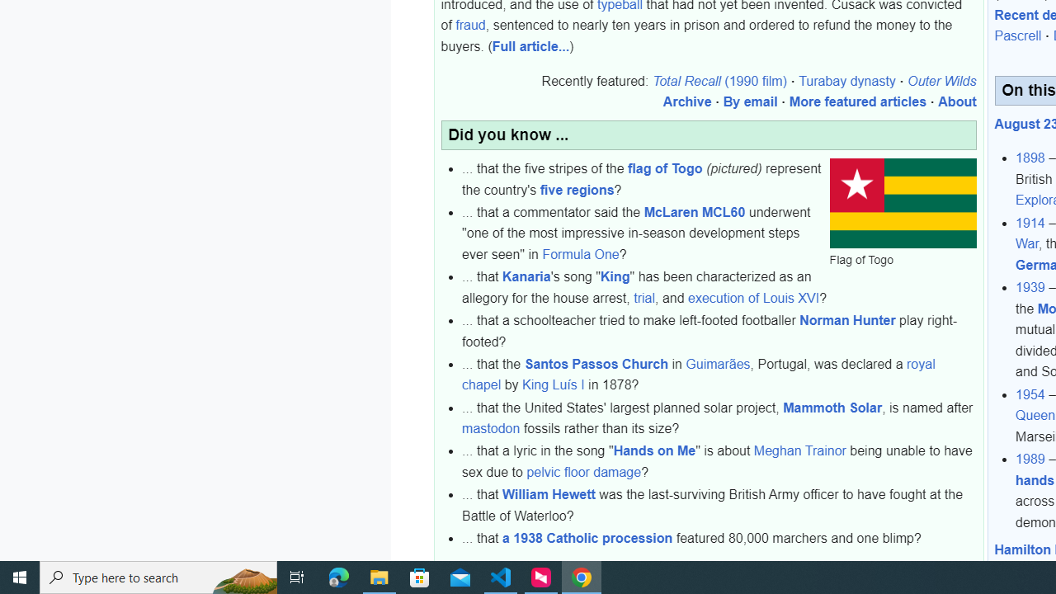 This screenshot has width=1056, height=594. I want to click on 'a 1938 Catholic procession', so click(587, 537).